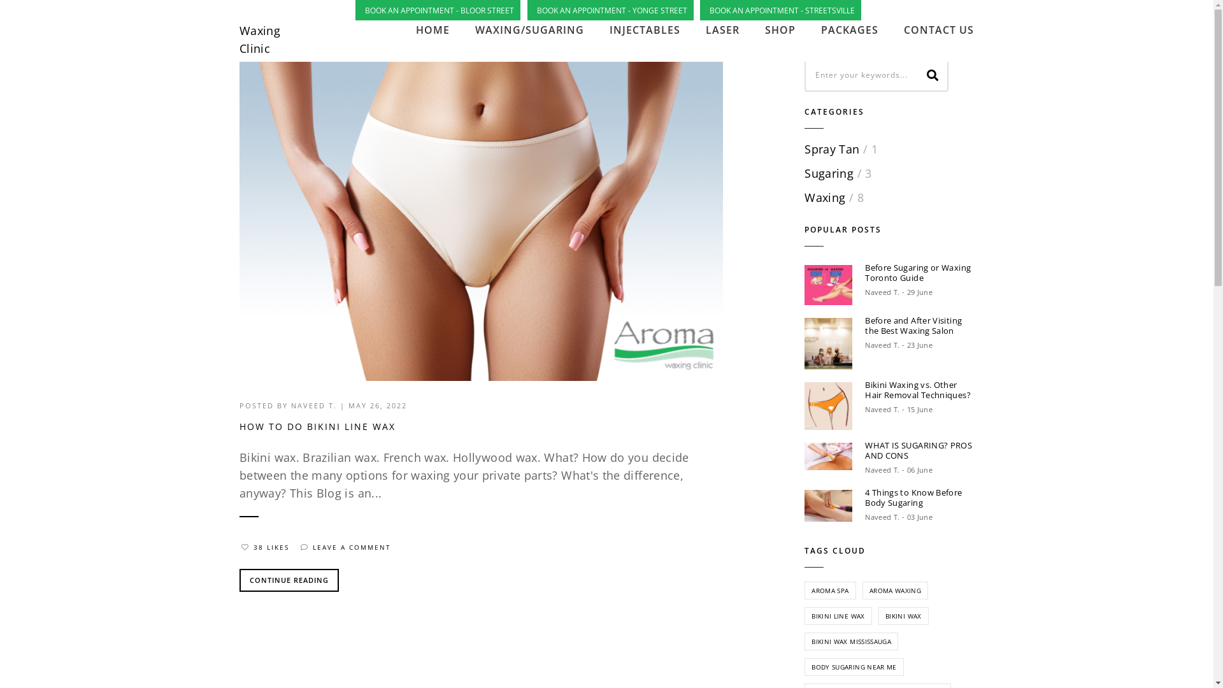 The height and width of the screenshot is (688, 1223). What do you see at coordinates (828, 284) in the screenshot?
I see `'sugaring VS waxing'` at bounding box center [828, 284].